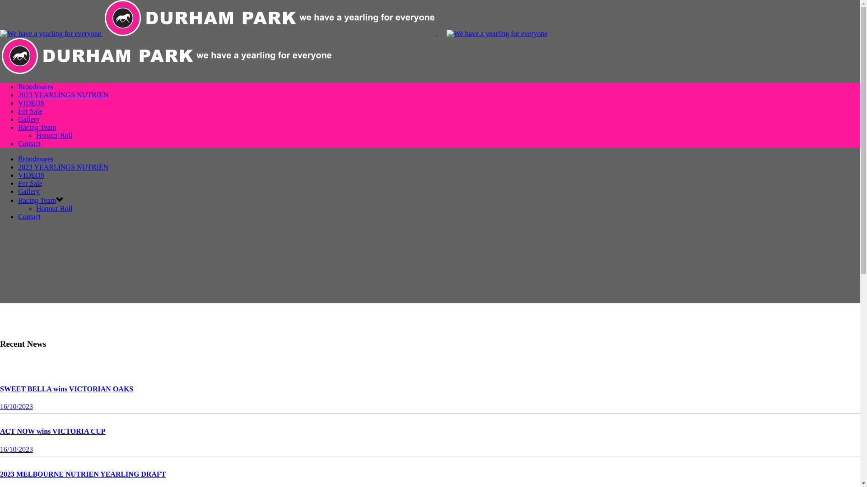  What do you see at coordinates (54, 208) in the screenshot?
I see `'Honour Roll'` at bounding box center [54, 208].